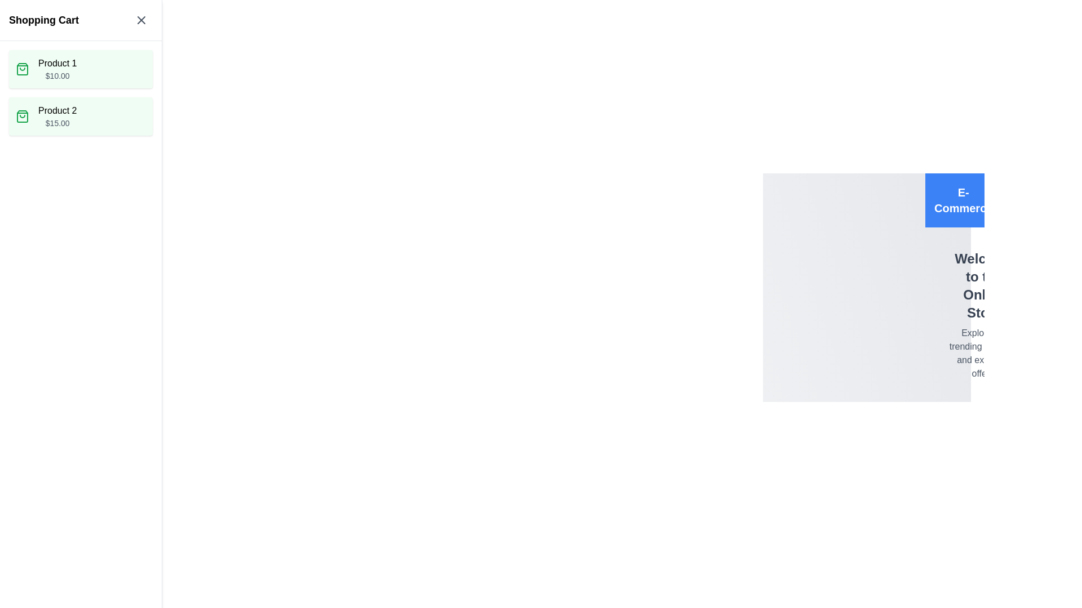  I want to click on the Text Label displaying 'Product 2' above the price '$15.00' in the shopping cart interface, positioned below 'Product 1 - $10.00', so click(57, 117).